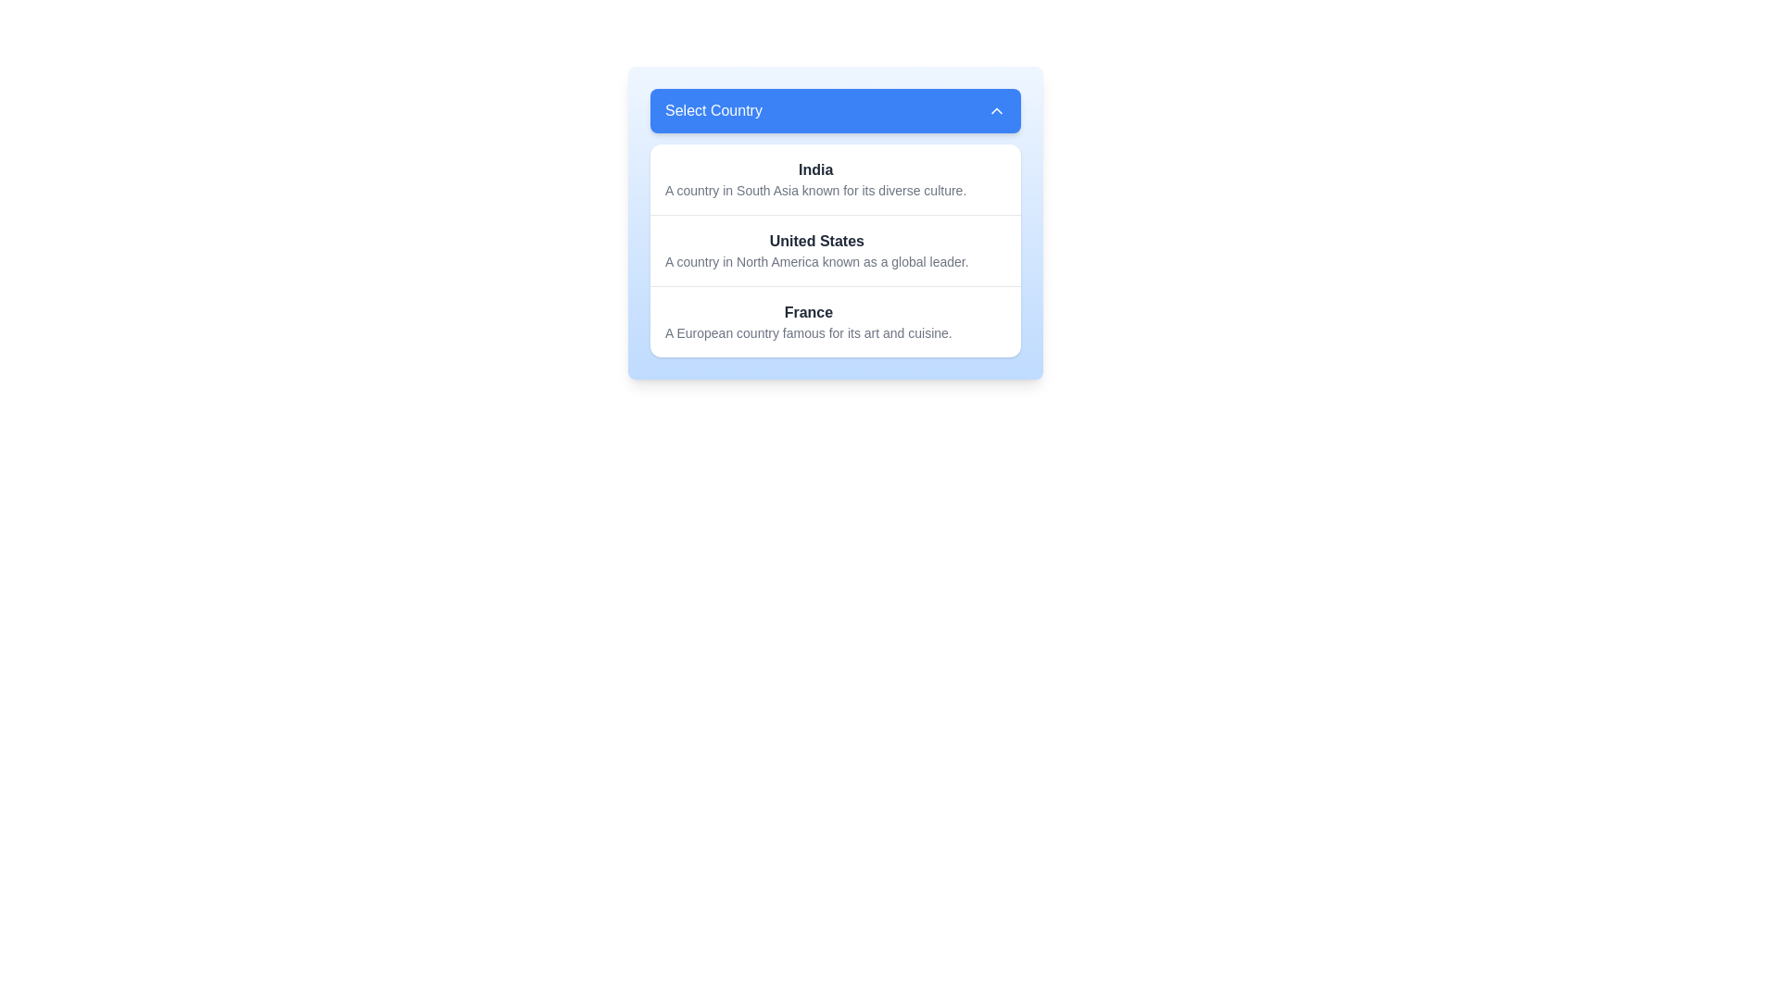 The image size is (1779, 1000). What do you see at coordinates (995, 110) in the screenshot?
I see `the upward chevron icon in the top-right corner of the blue header labeled 'Select Country'` at bounding box center [995, 110].